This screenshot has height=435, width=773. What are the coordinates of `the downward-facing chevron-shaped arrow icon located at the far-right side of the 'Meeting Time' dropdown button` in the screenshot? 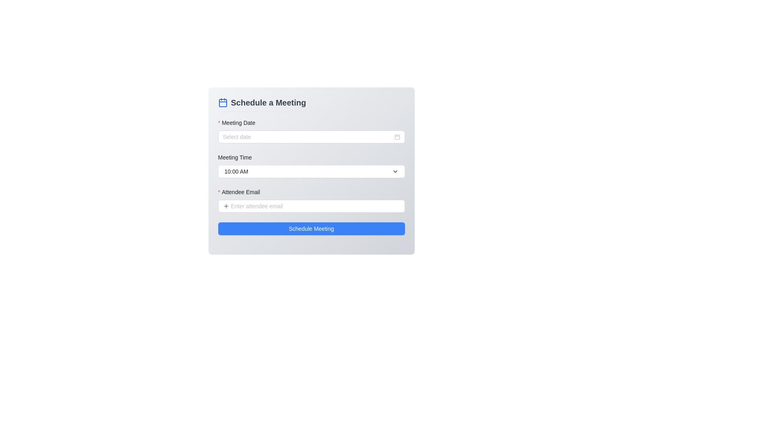 It's located at (395, 171).